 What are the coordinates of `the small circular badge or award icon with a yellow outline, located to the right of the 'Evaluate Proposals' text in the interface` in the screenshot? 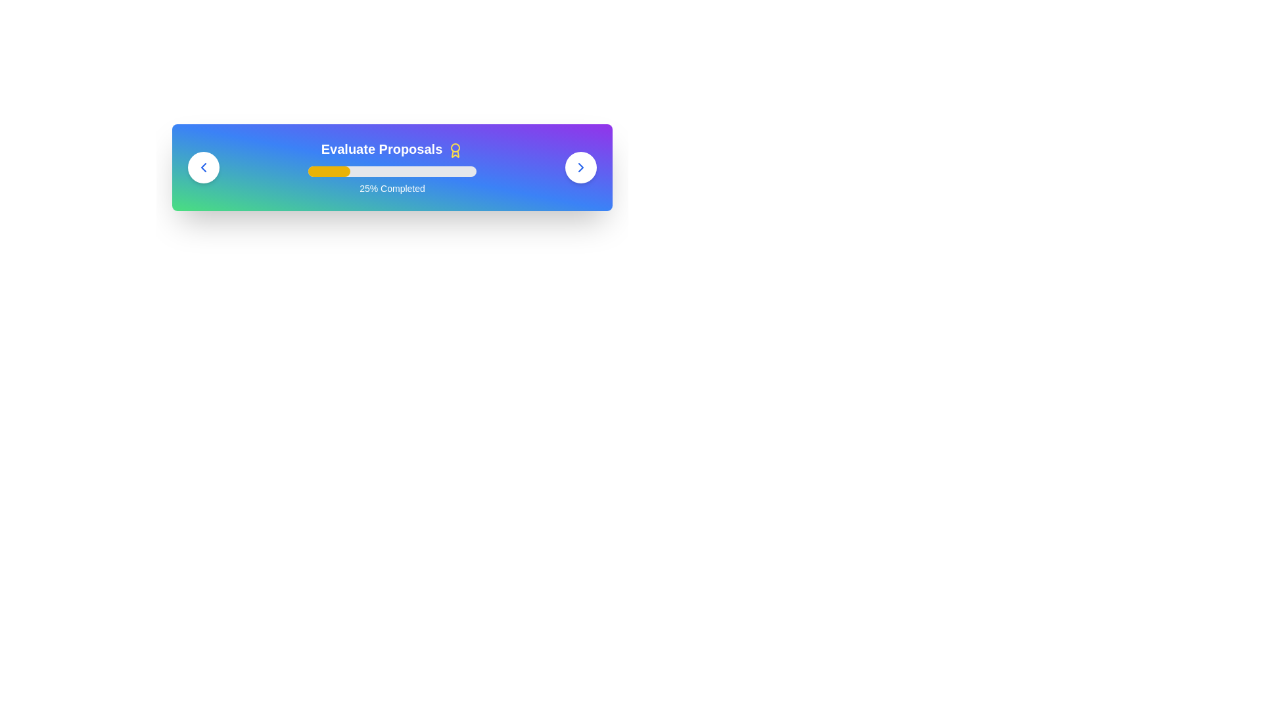 It's located at (456, 149).